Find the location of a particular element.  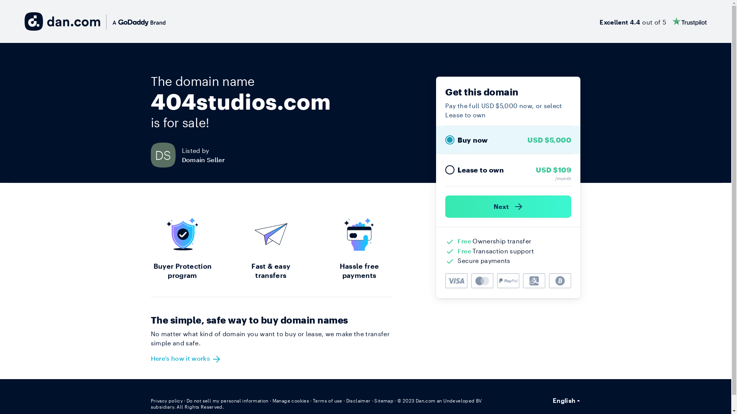

'Disclaimer' is located at coordinates (358, 400).